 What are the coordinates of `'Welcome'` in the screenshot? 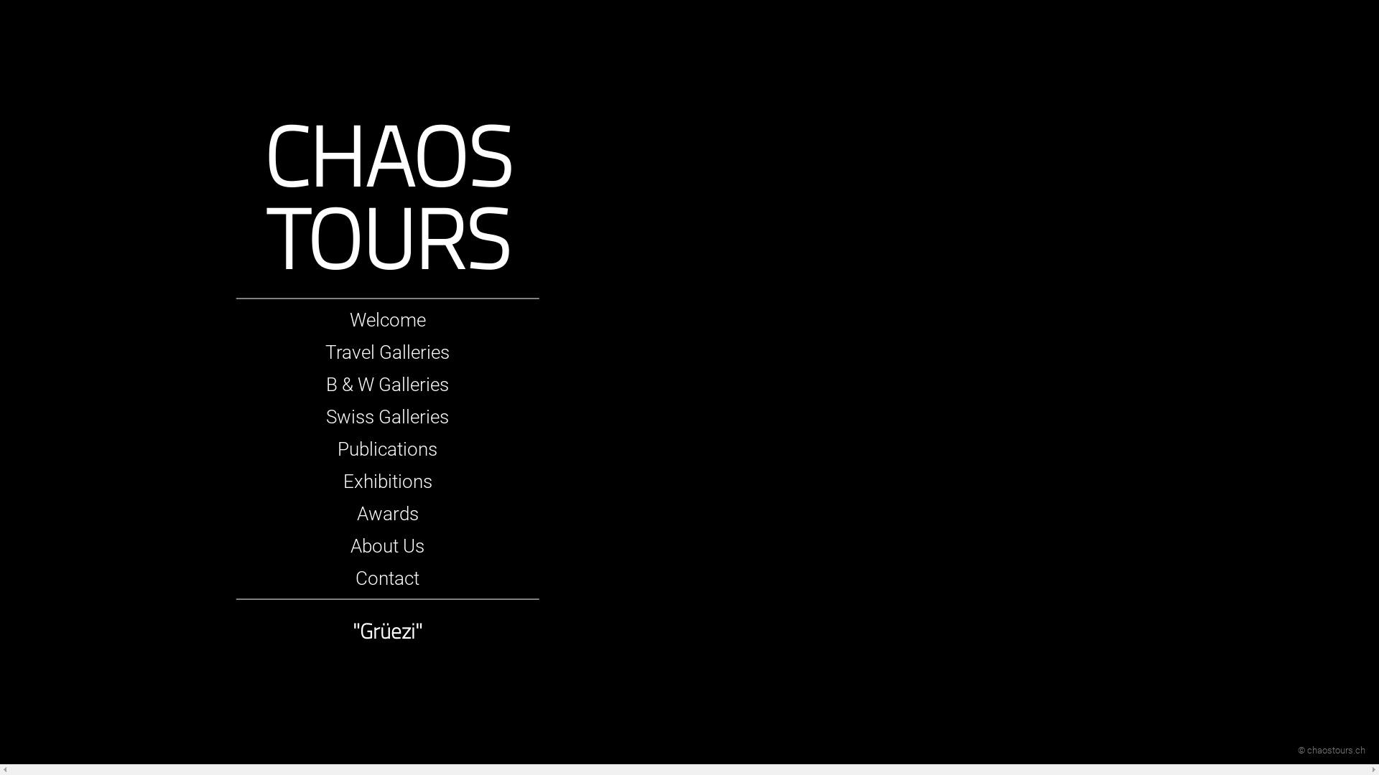 It's located at (387, 319).